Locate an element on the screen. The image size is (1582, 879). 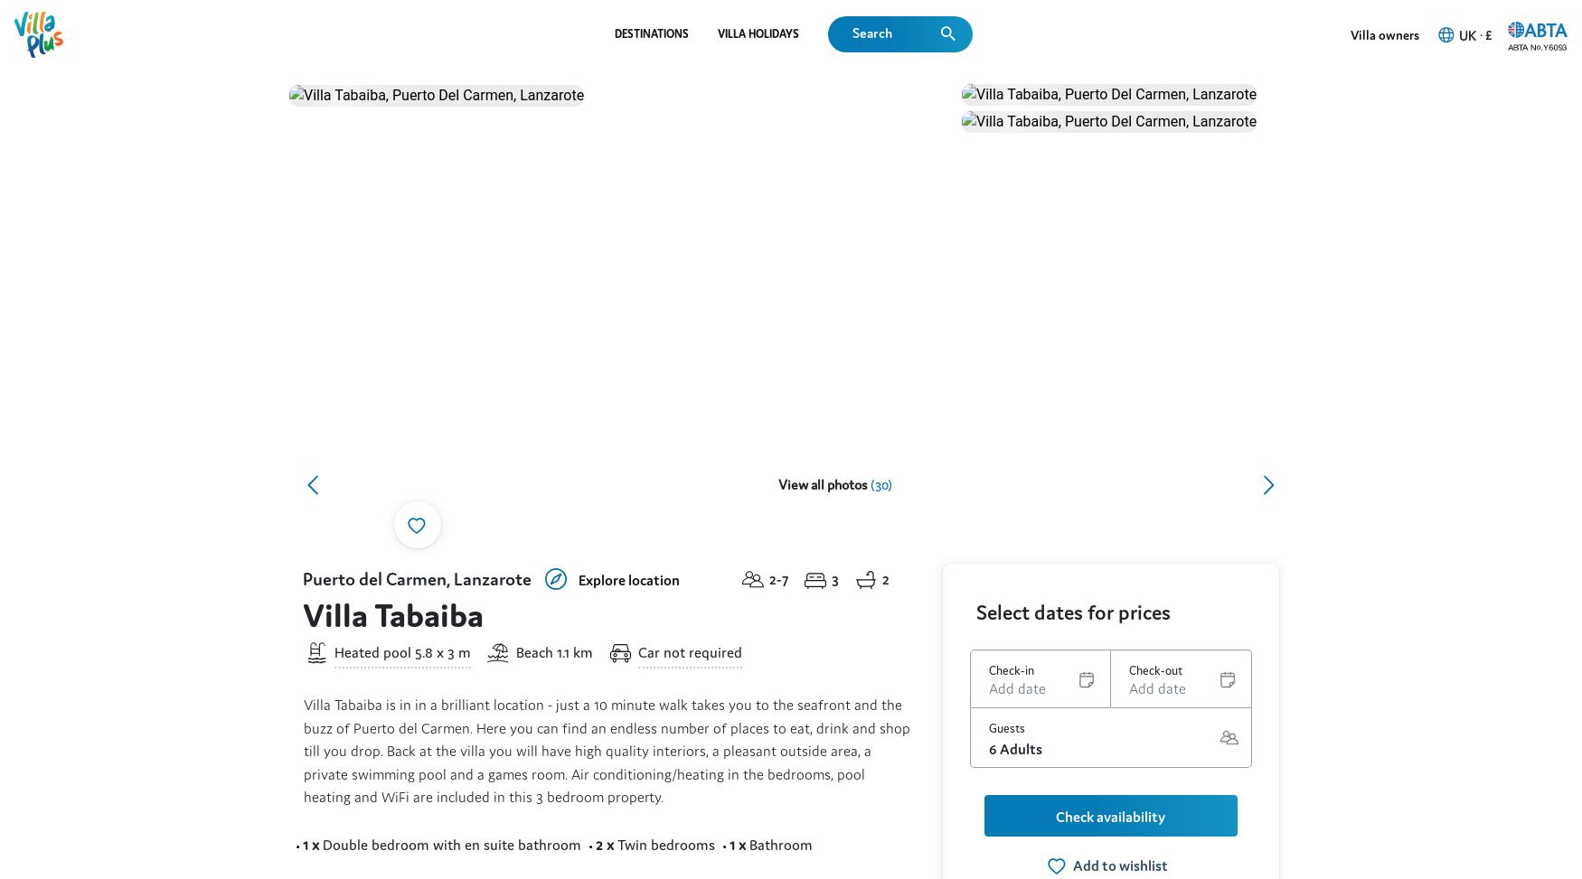
'Private airport transfer | Car hire' is located at coordinates (598, 530).